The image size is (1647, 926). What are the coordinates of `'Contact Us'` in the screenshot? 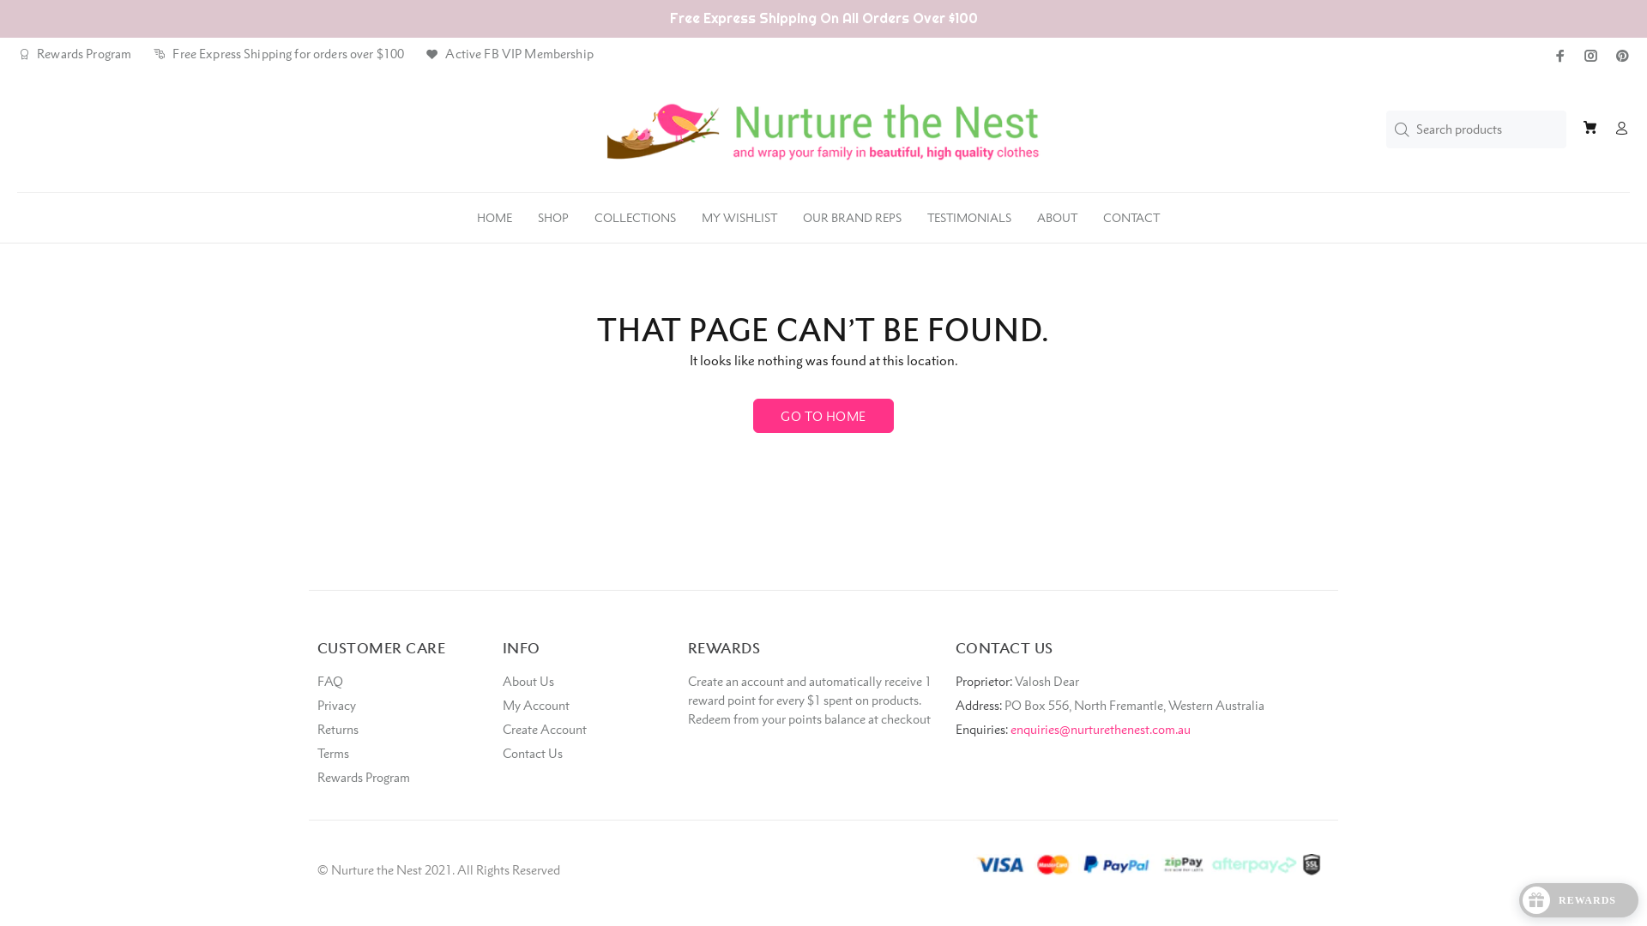 It's located at (531, 753).